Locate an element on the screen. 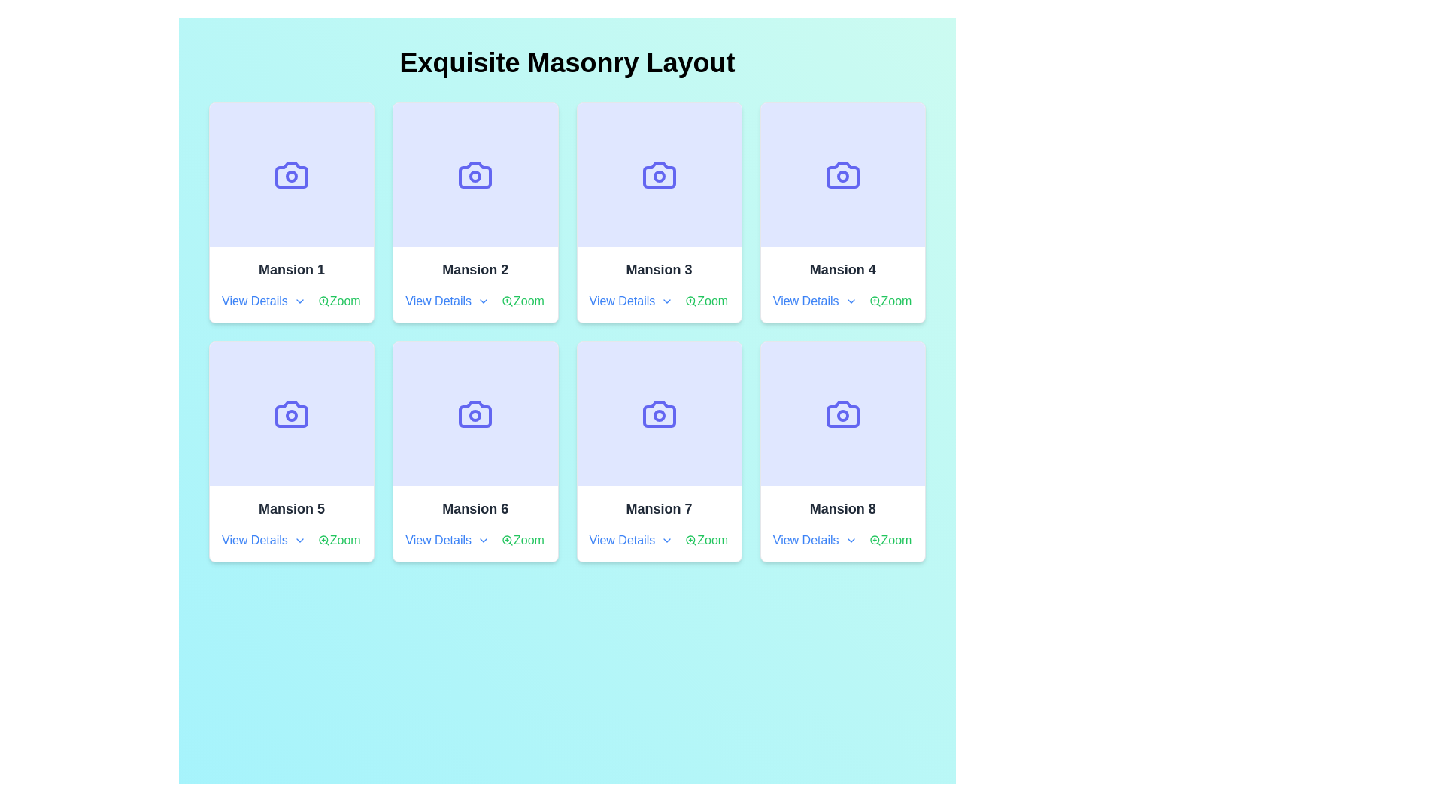  the interactive link with an icon located in the 'Mansion 7' section is located at coordinates (705, 539).